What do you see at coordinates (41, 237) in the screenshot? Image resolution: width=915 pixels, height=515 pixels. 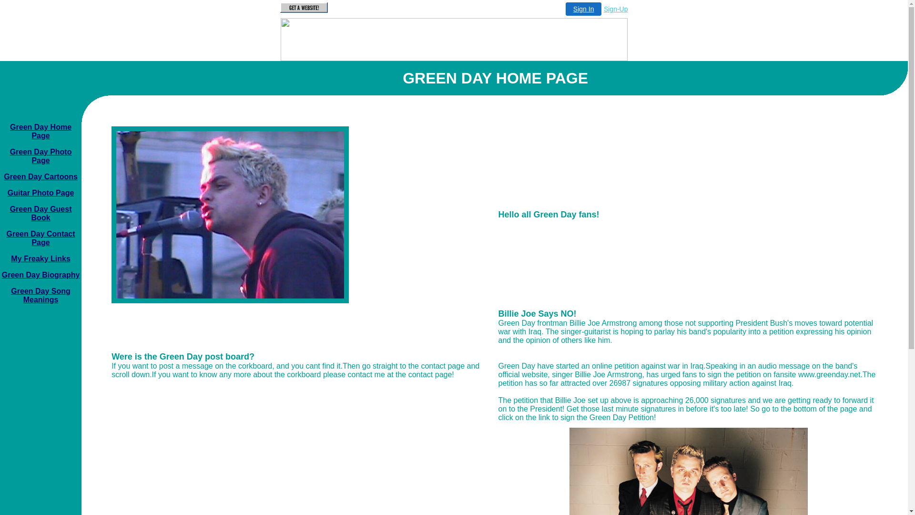 I see `'Green Day Contact Page'` at bounding box center [41, 237].